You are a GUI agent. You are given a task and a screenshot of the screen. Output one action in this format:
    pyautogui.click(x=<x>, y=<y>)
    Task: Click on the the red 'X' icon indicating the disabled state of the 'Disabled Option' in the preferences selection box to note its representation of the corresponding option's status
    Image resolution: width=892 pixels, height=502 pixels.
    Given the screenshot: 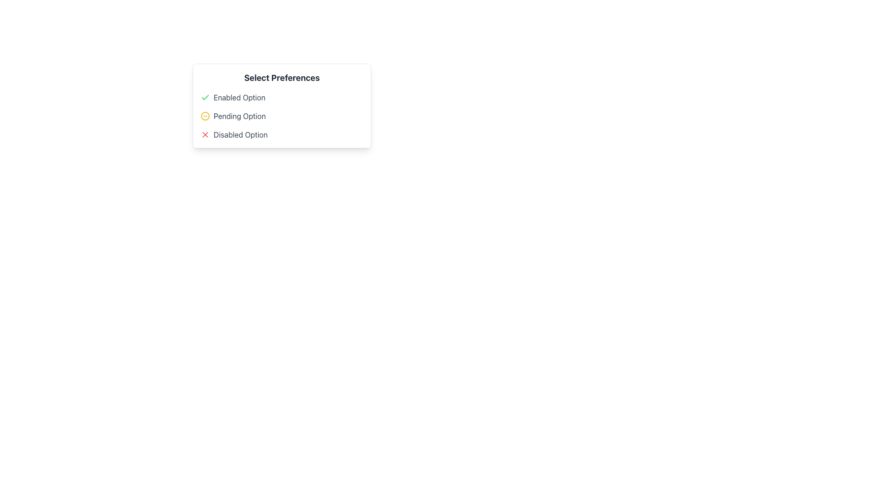 What is the action you would take?
    pyautogui.click(x=204, y=134)
    